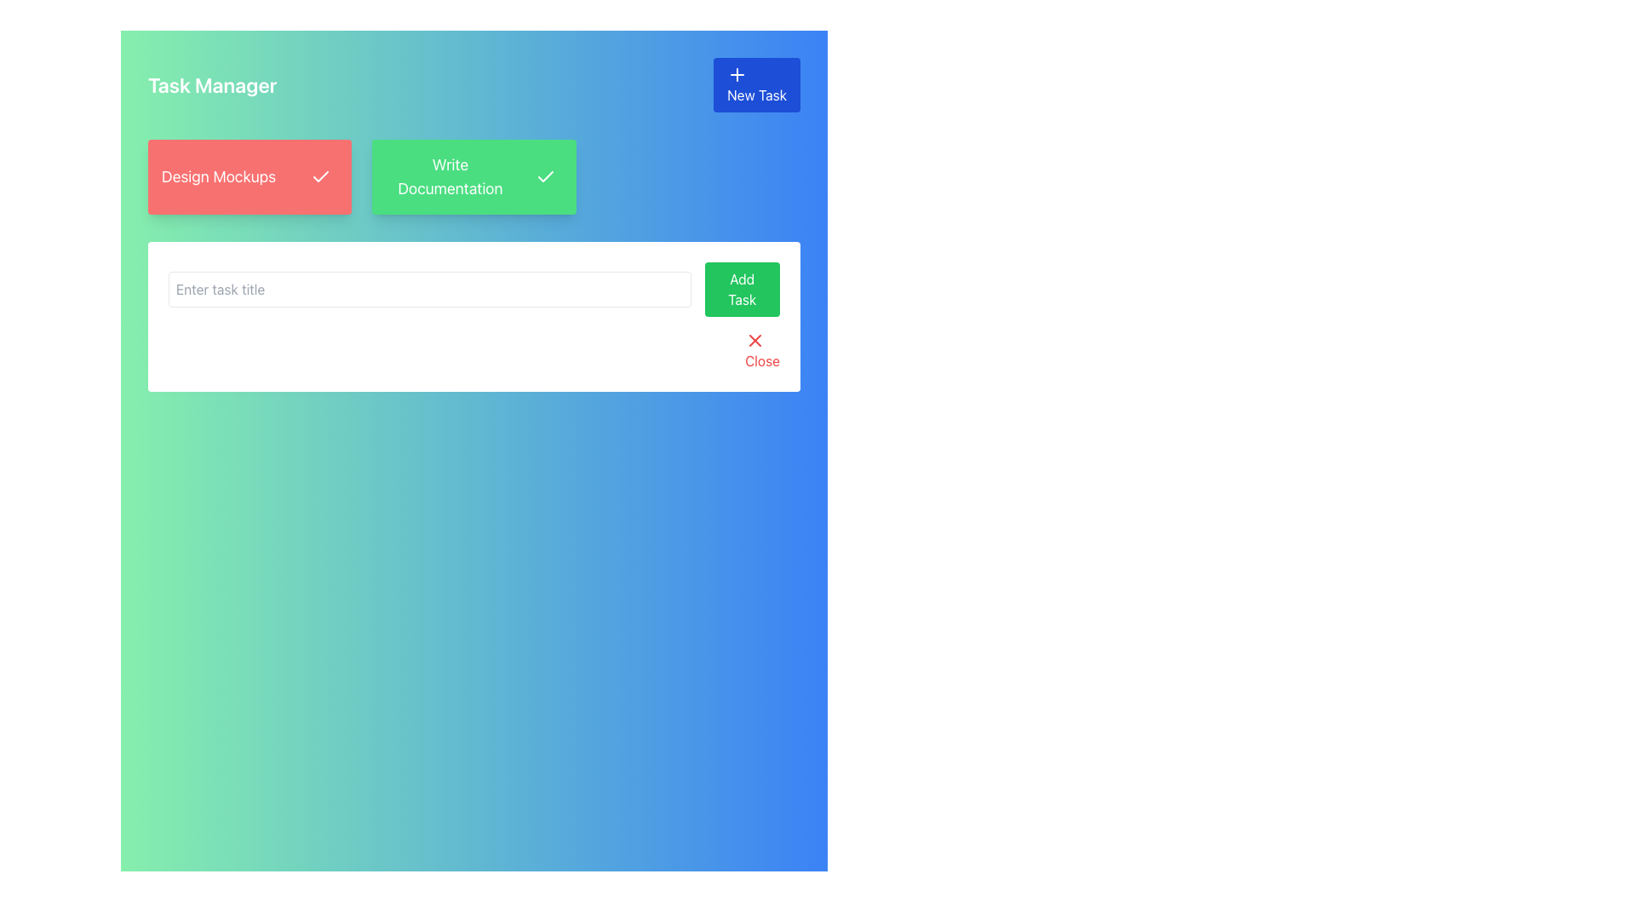 This screenshot has width=1635, height=920. I want to click on the completion icon for the 'Write Documentation' task, which indicates that the task has been marked as completed, located in the header section of the task management interface, so click(545, 177).